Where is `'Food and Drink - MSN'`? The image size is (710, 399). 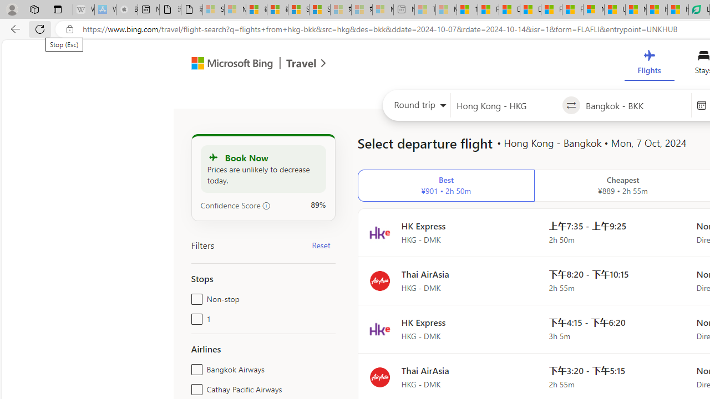
'Food and Drink - MSN' is located at coordinates (488, 9).